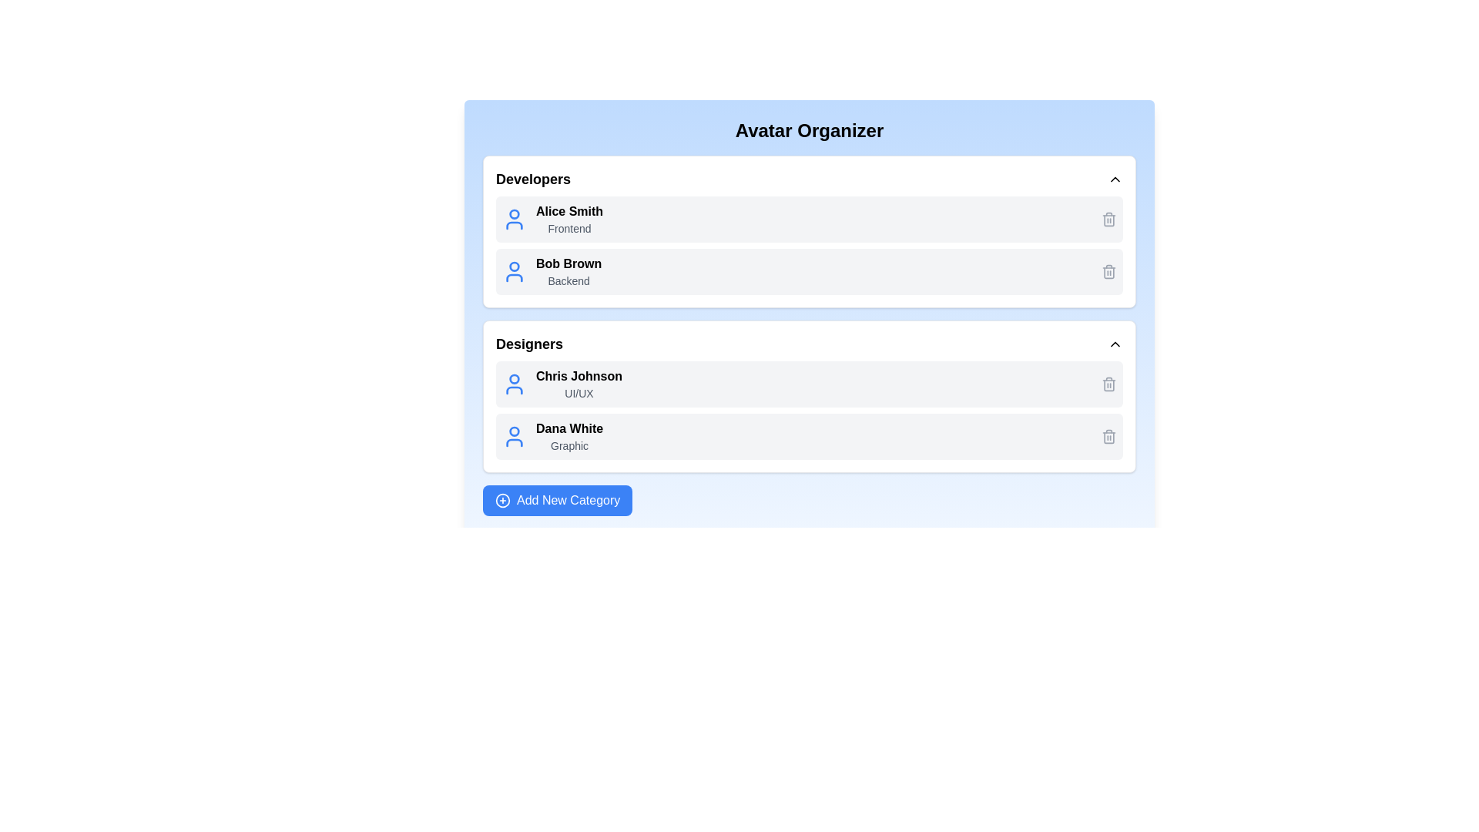 This screenshot has width=1479, height=832. I want to click on the trash bin icon located within the 'Developers' group next to 'Bob Brown', so click(1109, 220).